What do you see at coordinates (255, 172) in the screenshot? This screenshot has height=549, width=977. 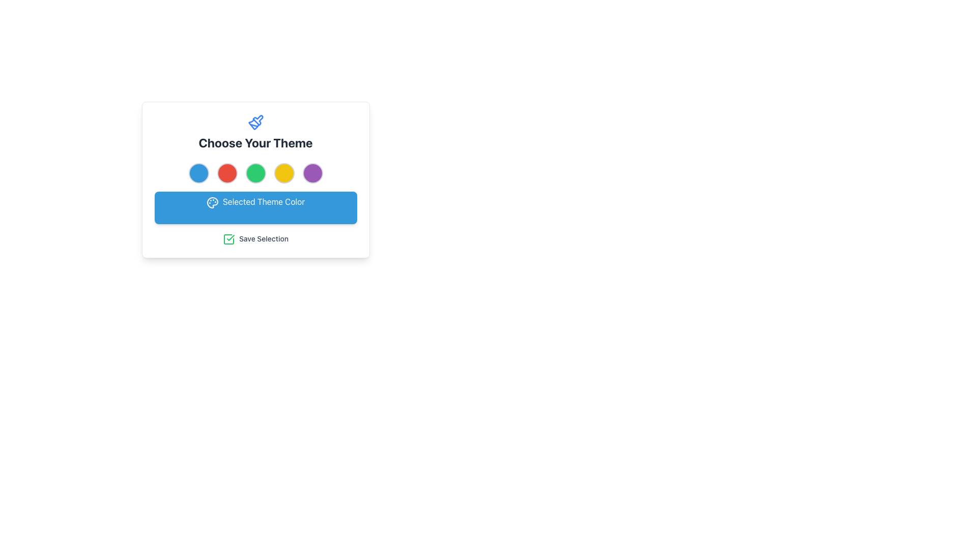 I see `the third circular selection button` at bounding box center [255, 172].